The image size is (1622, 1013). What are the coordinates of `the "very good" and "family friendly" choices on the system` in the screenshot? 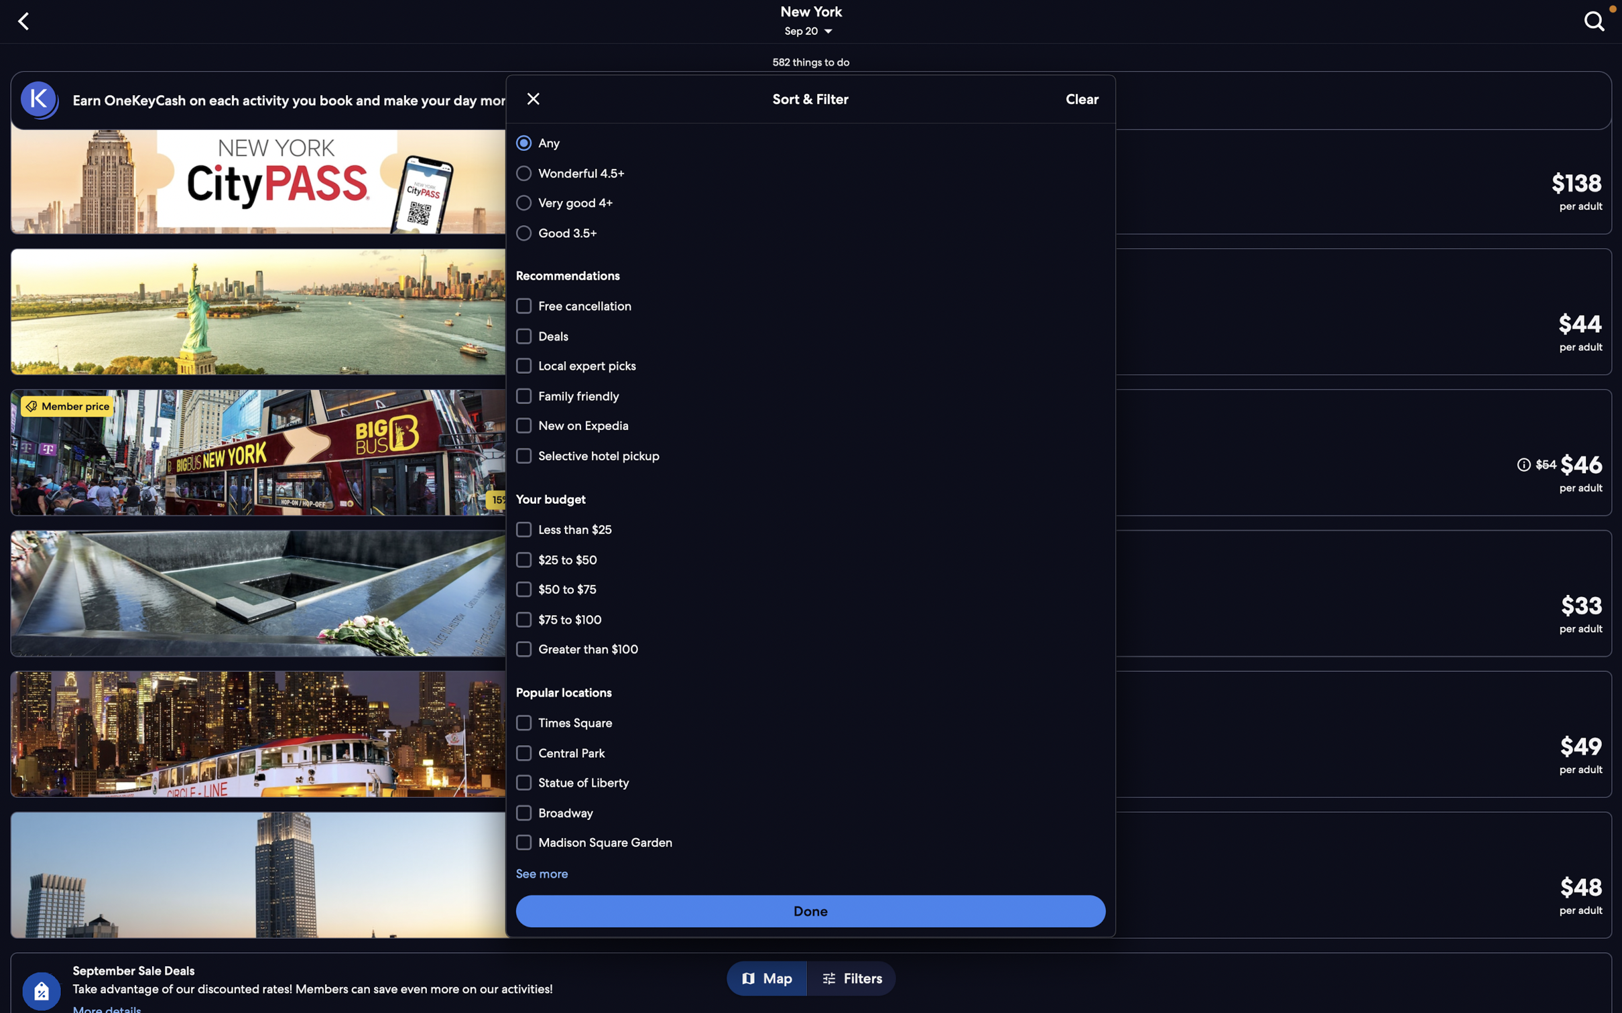 It's located at (808, 203).